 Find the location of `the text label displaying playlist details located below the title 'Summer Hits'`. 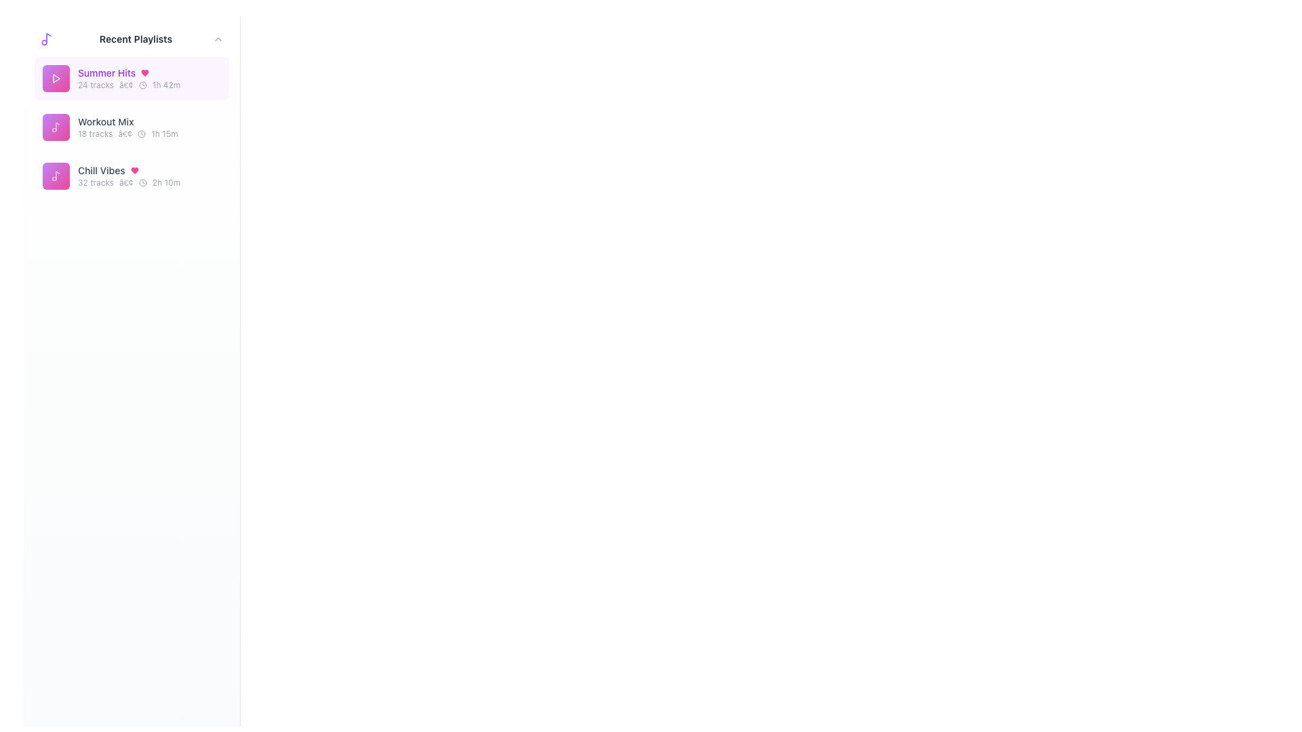

the text label displaying playlist details located below the title 'Summer Hits' is located at coordinates (149, 85).